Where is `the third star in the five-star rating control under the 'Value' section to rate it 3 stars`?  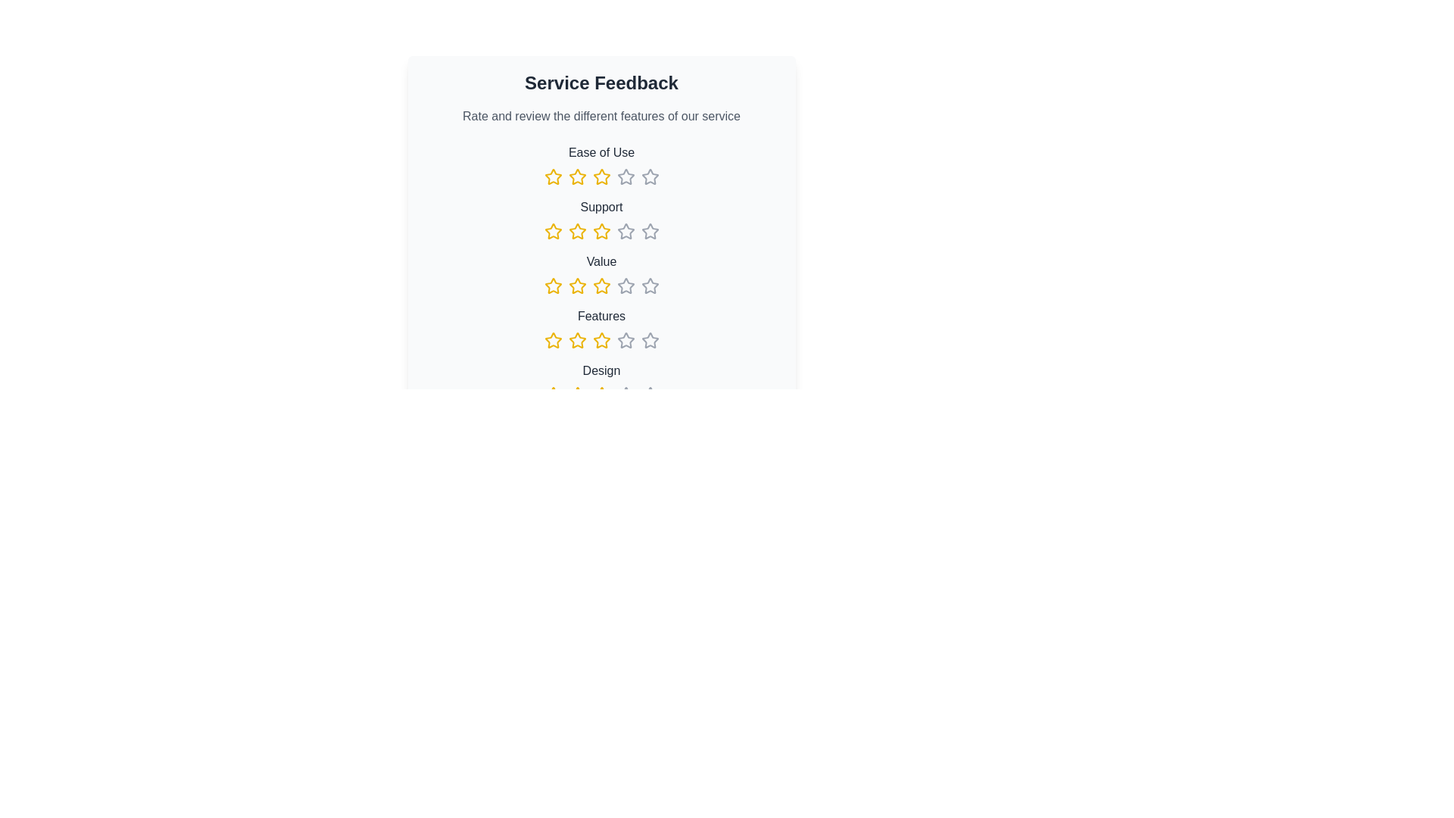
the third star in the five-star rating control under the 'Value' section to rate it 3 stars is located at coordinates (601, 286).